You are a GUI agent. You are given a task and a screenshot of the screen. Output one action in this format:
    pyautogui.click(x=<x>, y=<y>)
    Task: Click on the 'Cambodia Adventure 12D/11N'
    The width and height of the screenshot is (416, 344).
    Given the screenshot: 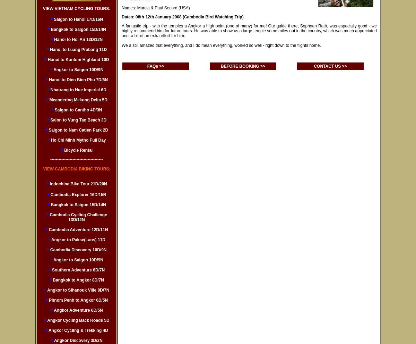 What is the action you would take?
    pyautogui.click(x=77, y=229)
    